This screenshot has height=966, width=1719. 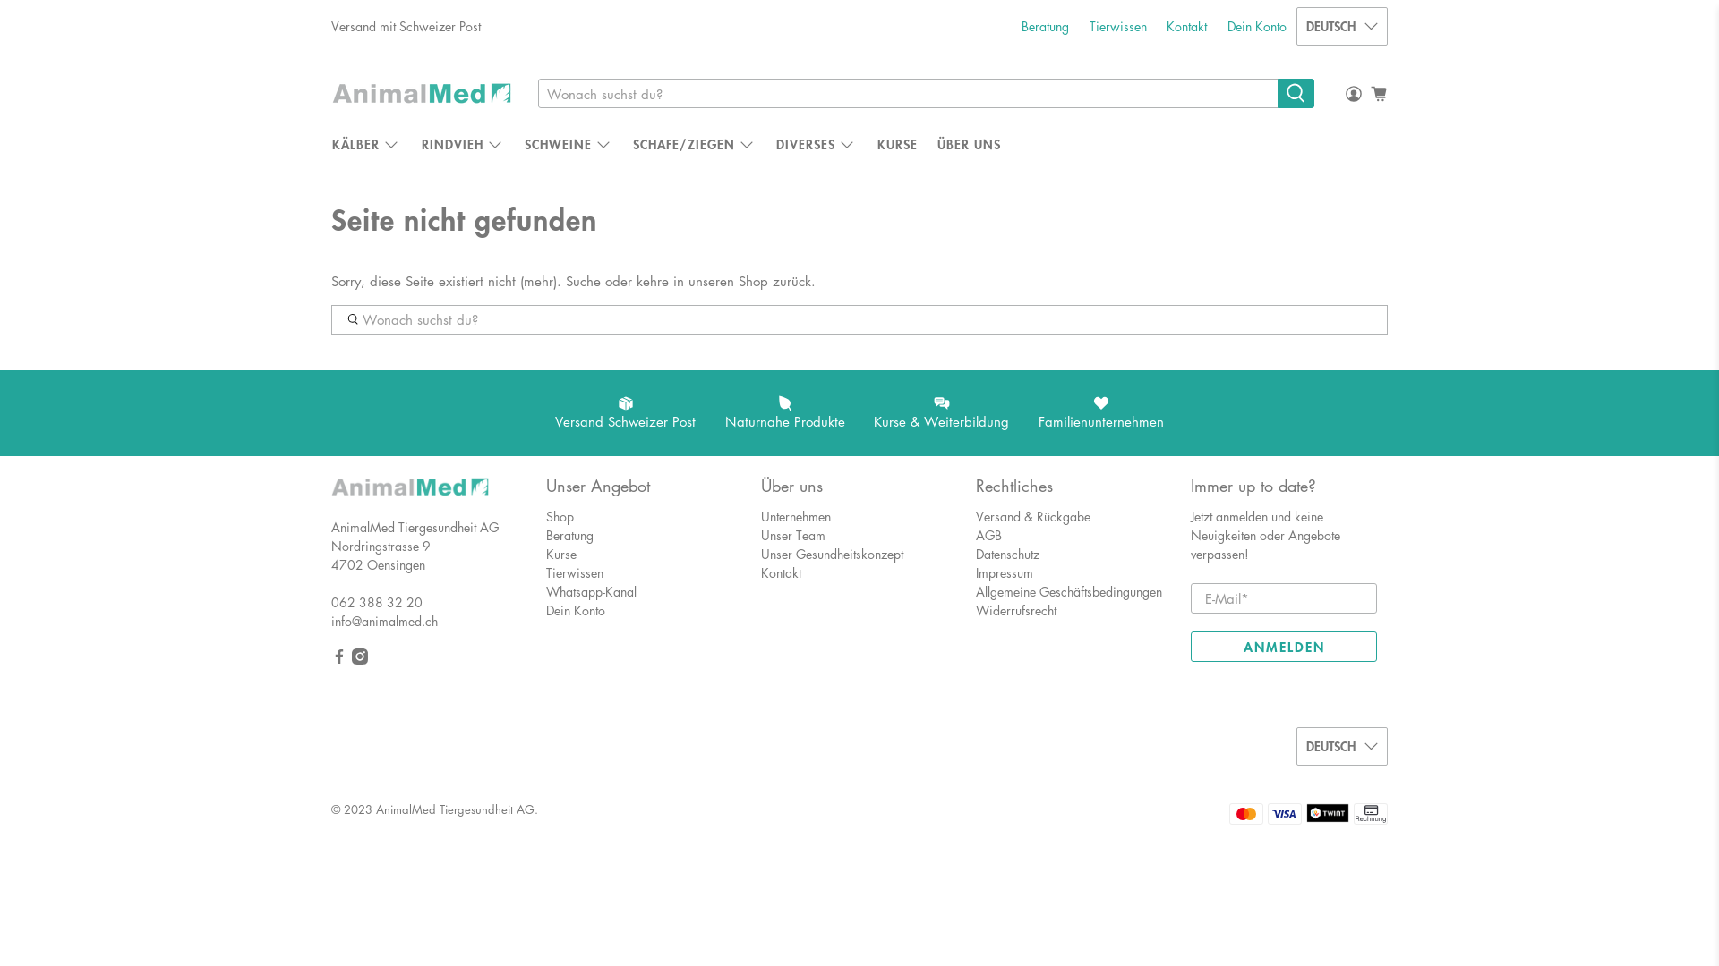 I want to click on 'ANMELDEN', so click(x=1190, y=646).